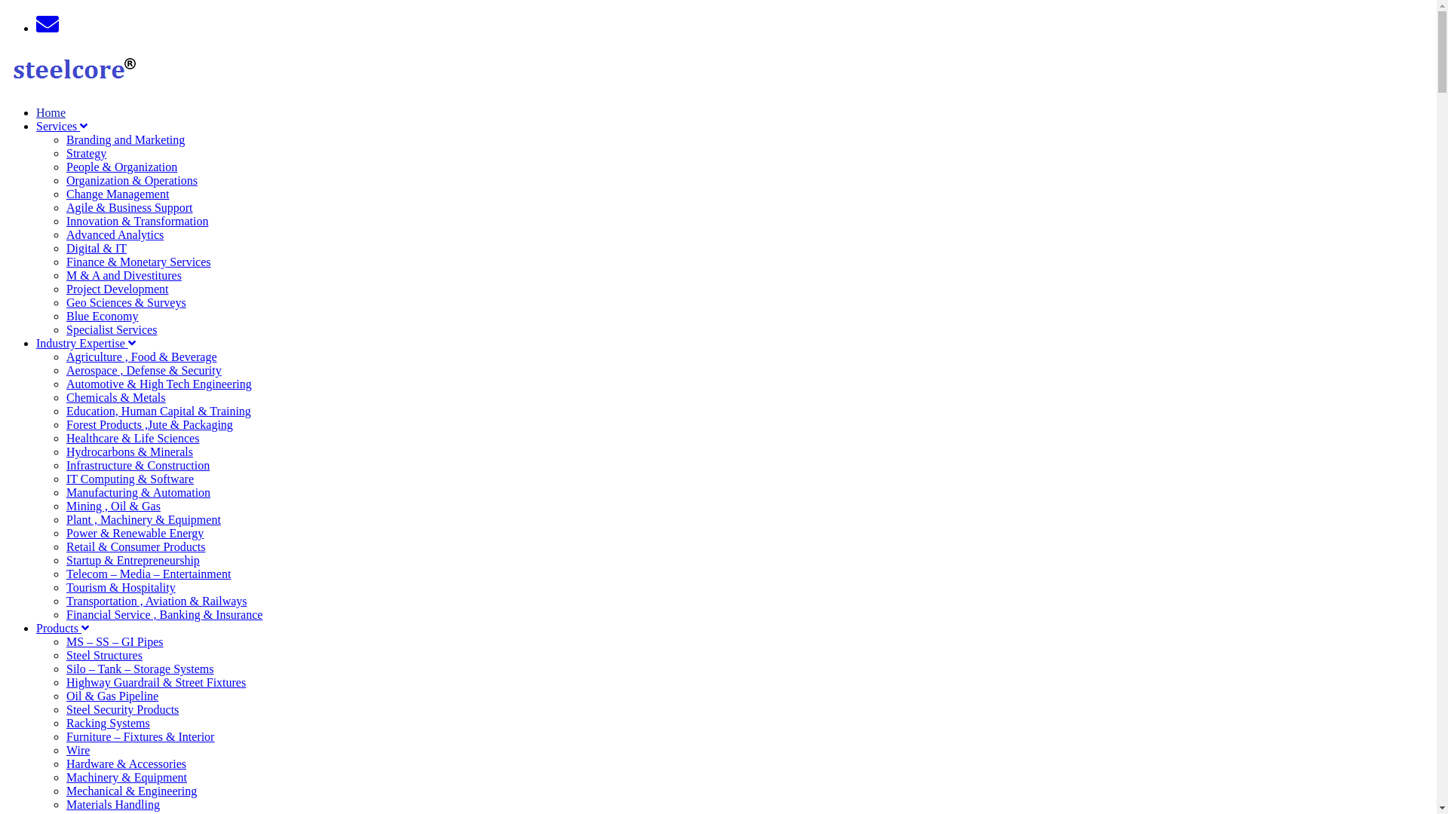 The height and width of the screenshot is (814, 1448). I want to click on 'Plant , Machinery & Equipment', so click(65, 519).